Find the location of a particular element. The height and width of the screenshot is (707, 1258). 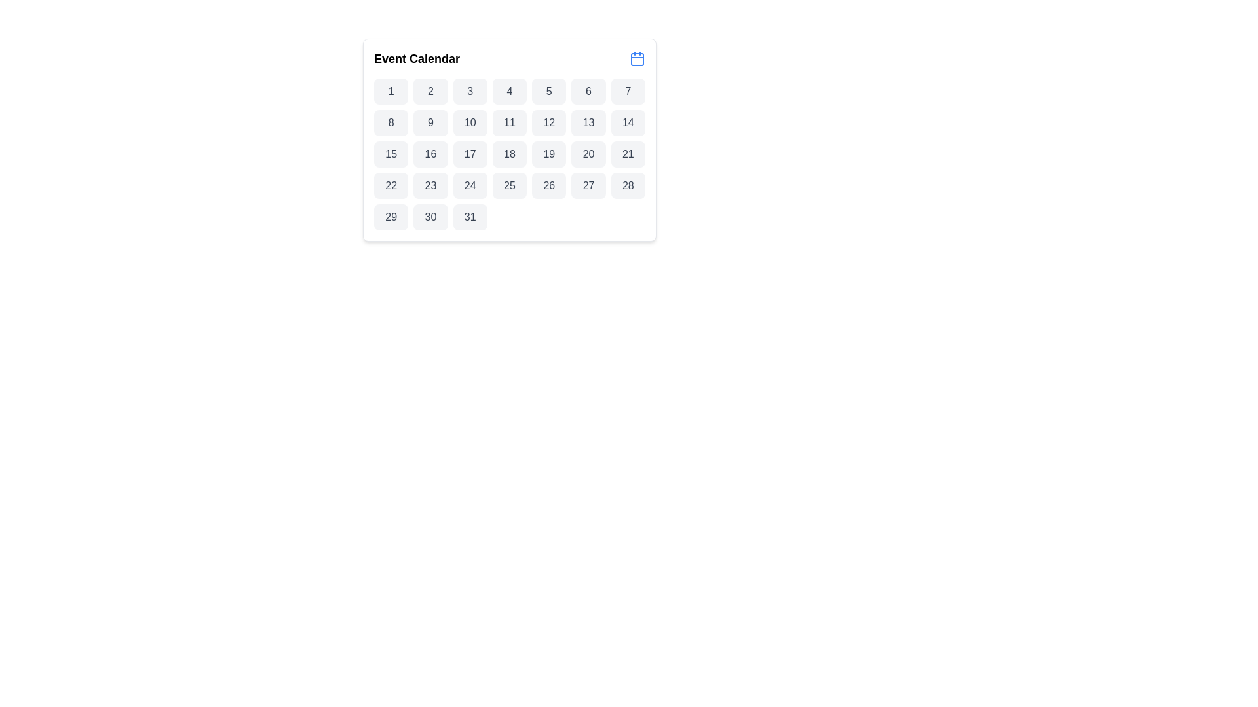

the button displaying the number '14' with a gray background and dark gray text in the Event Calendar is located at coordinates (627, 123).